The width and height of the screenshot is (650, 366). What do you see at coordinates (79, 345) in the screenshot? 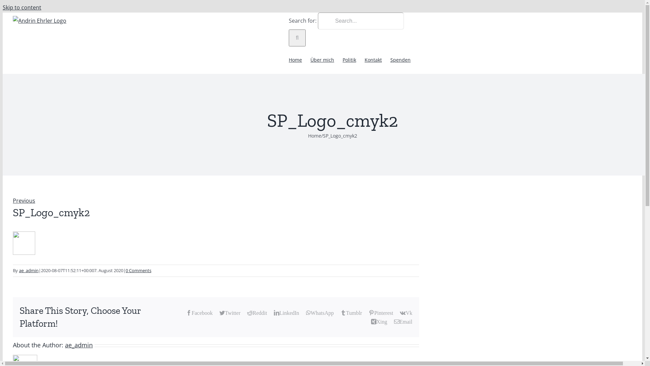
I see `'ae_admin'` at bounding box center [79, 345].